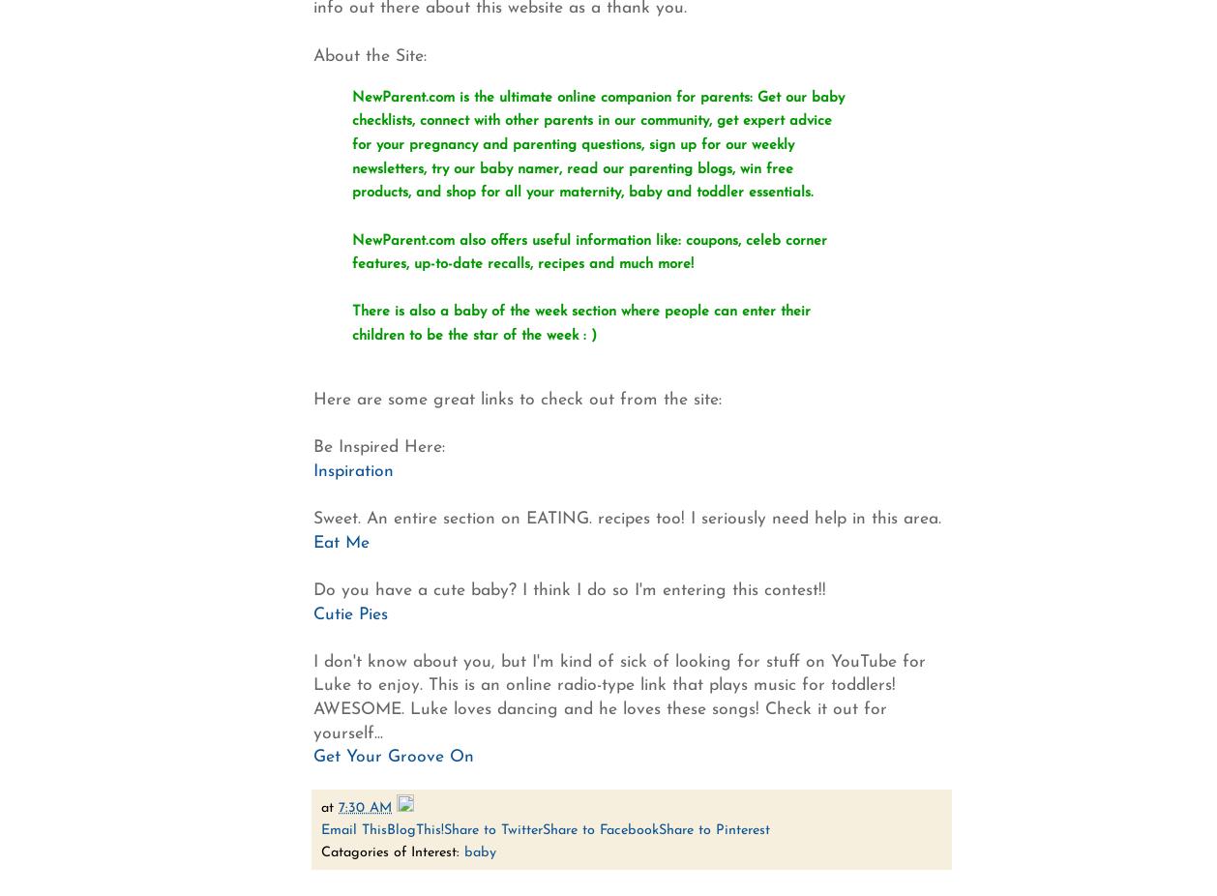  What do you see at coordinates (714, 829) in the screenshot?
I see `'Share to Pinterest'` at bounding box center [714, 829].